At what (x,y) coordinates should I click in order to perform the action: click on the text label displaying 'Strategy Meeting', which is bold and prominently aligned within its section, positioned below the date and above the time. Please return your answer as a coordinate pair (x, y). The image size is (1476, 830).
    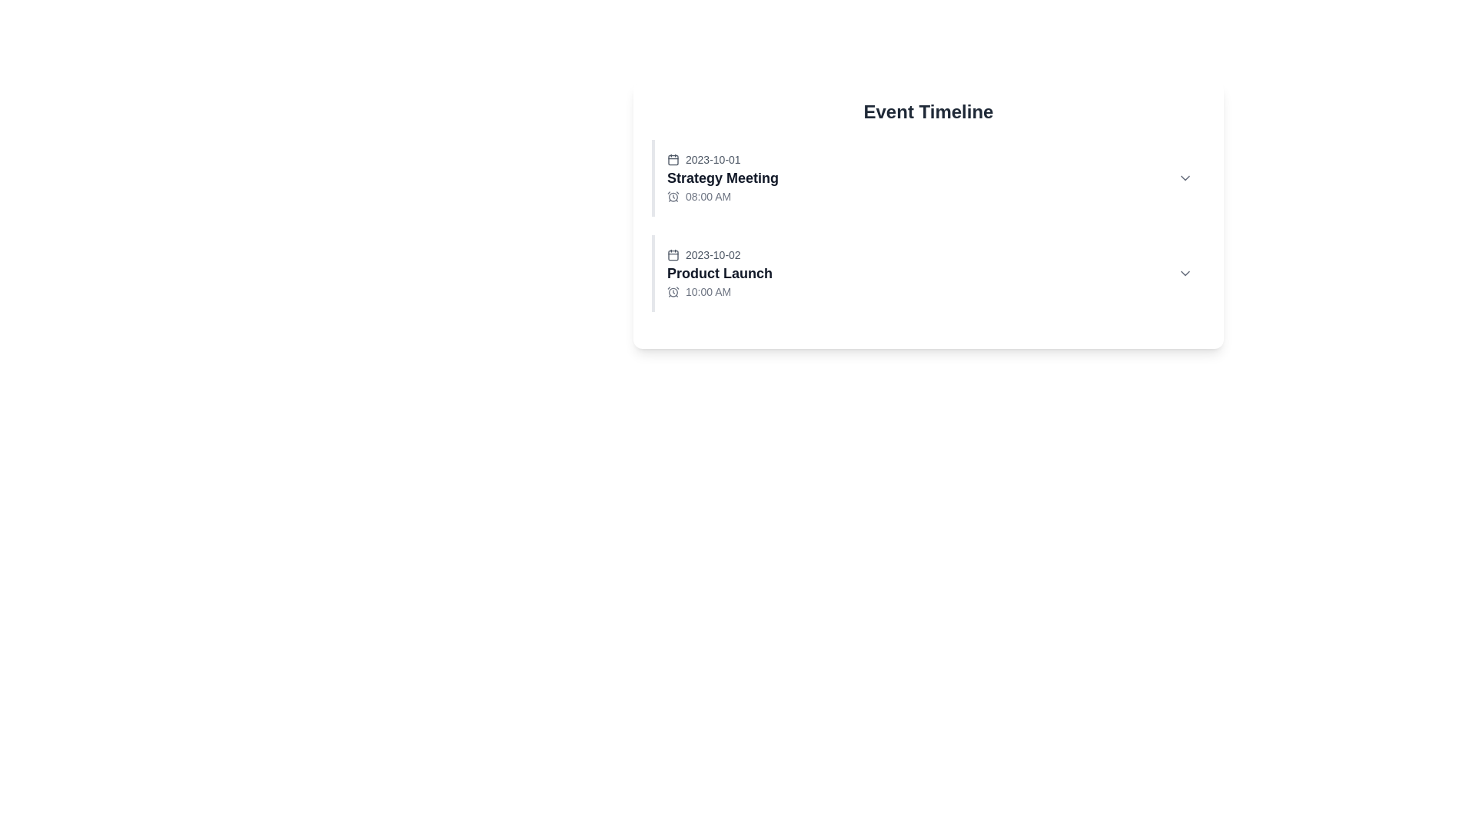
    Looking at the image, I should click on (722, 177).